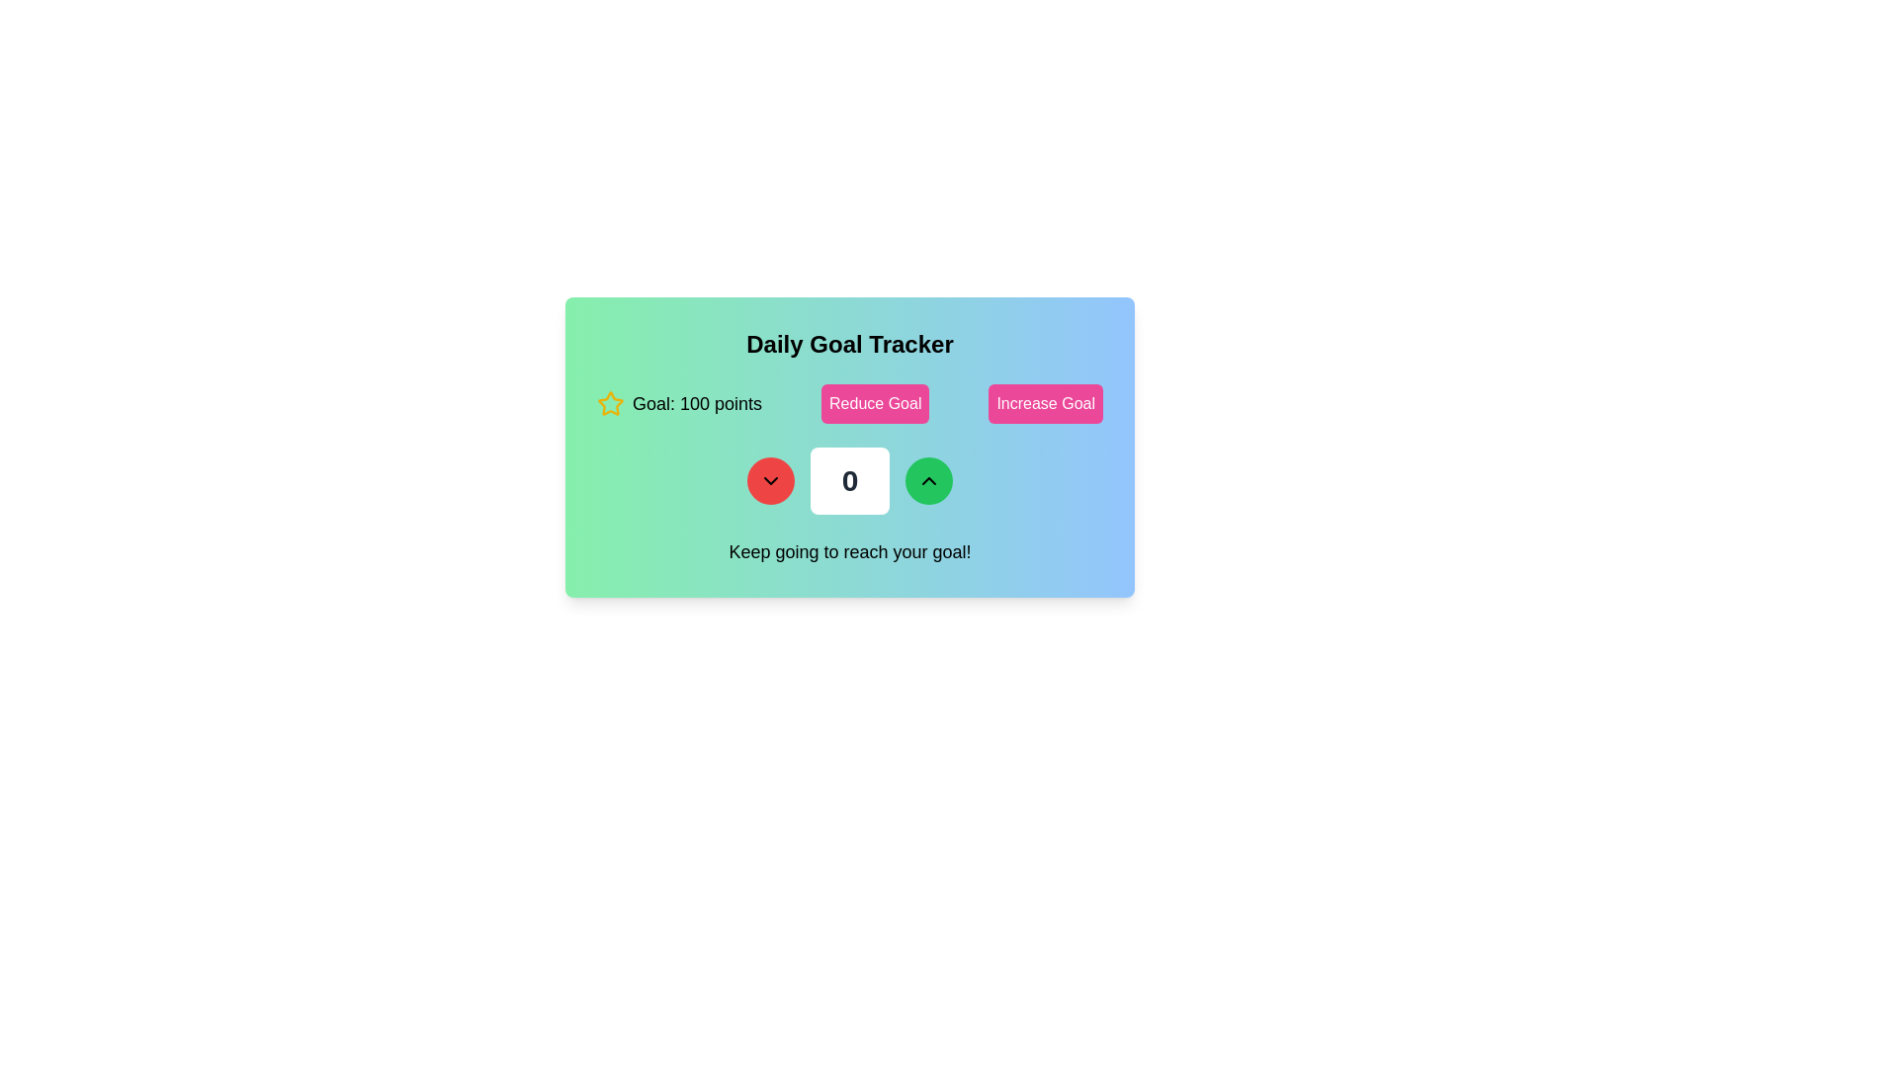  I want to click on the star-shaped outline icon, which is a decorative graphical element filled with yellow color, located near the top-left corner of the goal tracker interface, adjacent to the 'Goal: 100 points' text, so click(610, 402).